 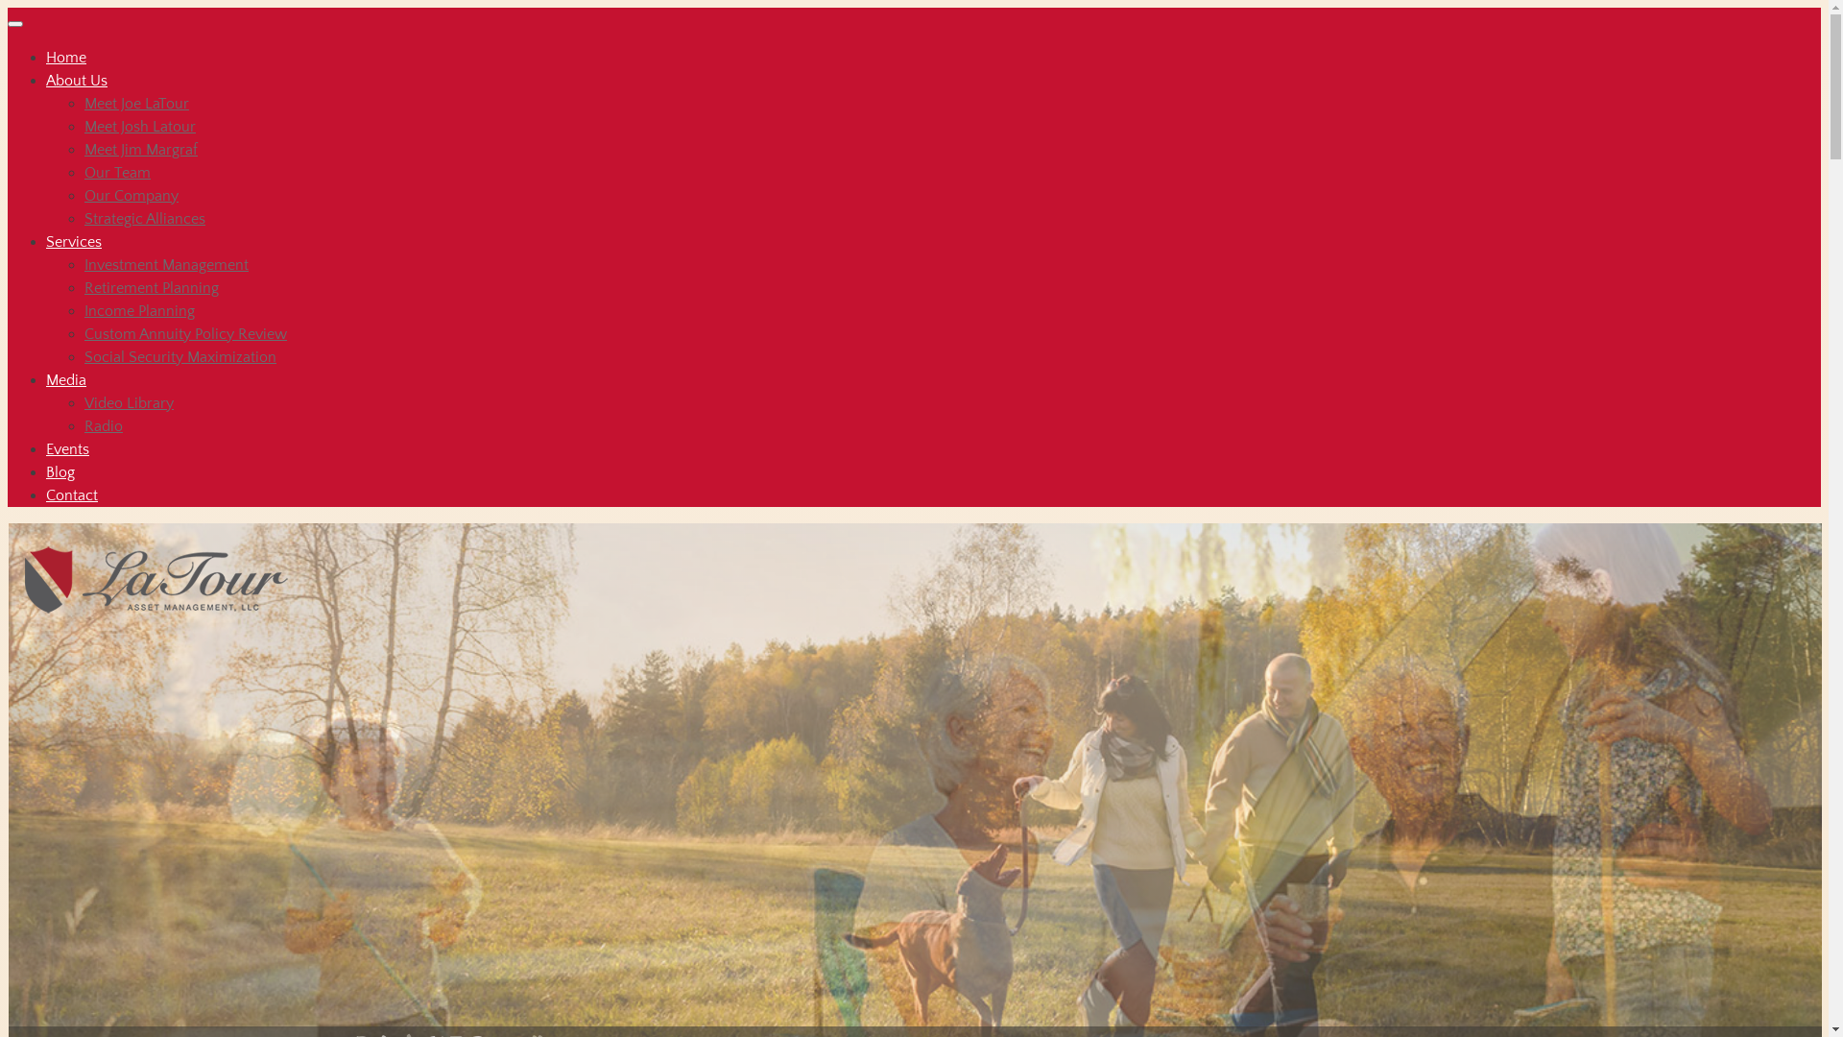 What do you see at coordinates (143, 217) in the screenshot?
I see `'Strategic Alliances'` at bounding box center [143, 217].